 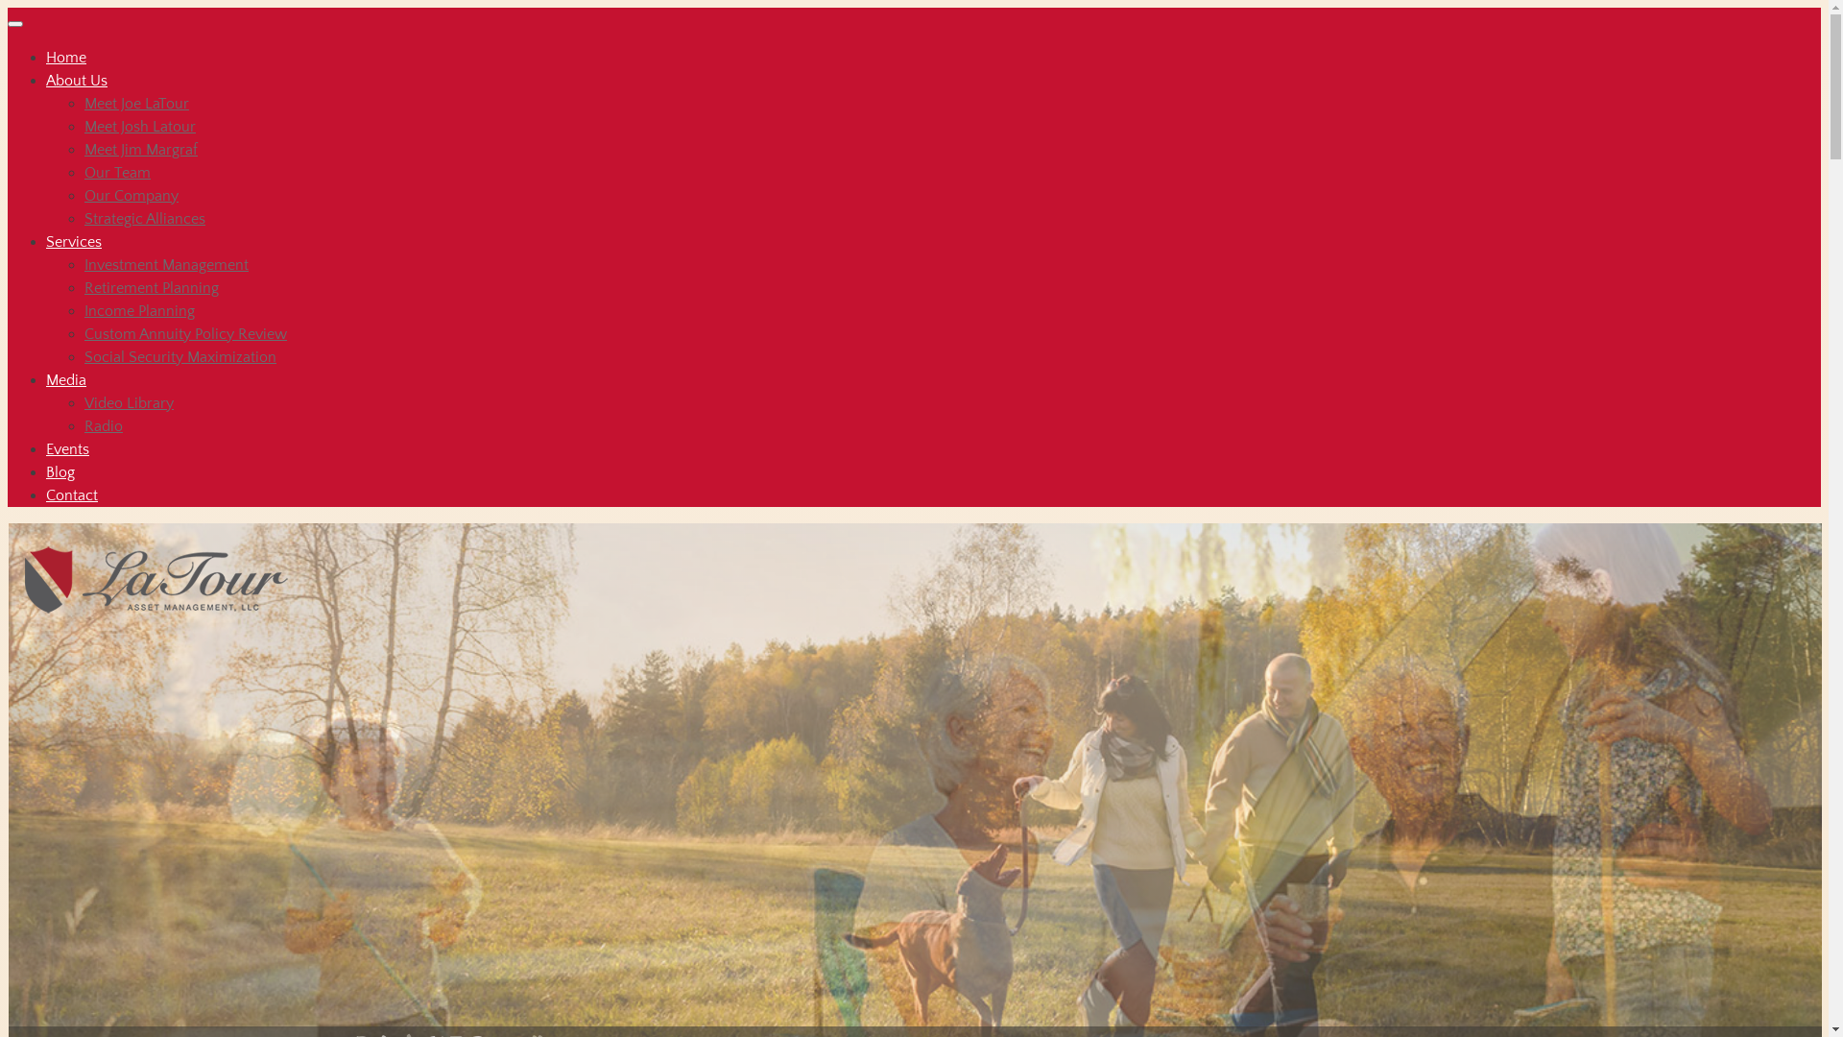 What do you see at coordinates (143, 217) in the screenshot?
I see `'Strategic Alliances'` at bounding box center [143, 217].